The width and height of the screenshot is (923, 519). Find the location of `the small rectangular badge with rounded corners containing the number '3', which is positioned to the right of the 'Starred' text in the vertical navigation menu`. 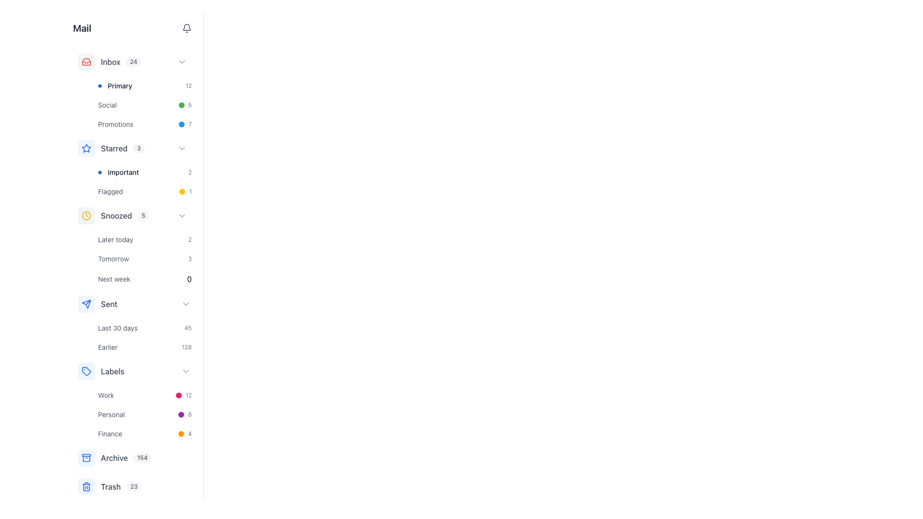

the small rectangular badge with rounded corners containing the number '3', which is positioned to the right of the 'Starred' text in the vertical navigation menu is located at coordinates (138, 148).